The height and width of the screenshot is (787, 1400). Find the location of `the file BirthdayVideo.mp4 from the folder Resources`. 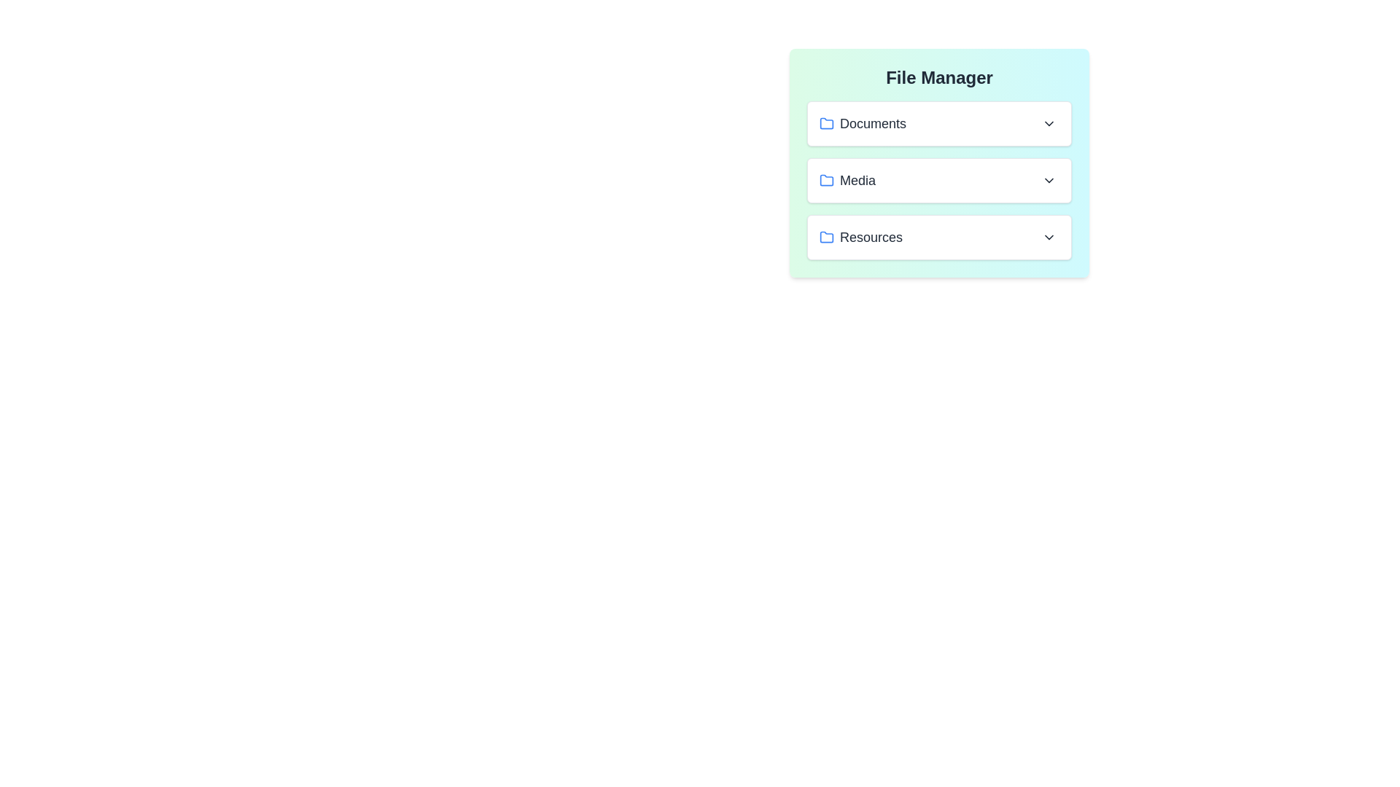

the file BirthdayVideo.mp4 from the folder Resources is located at coordinates (939, 237).